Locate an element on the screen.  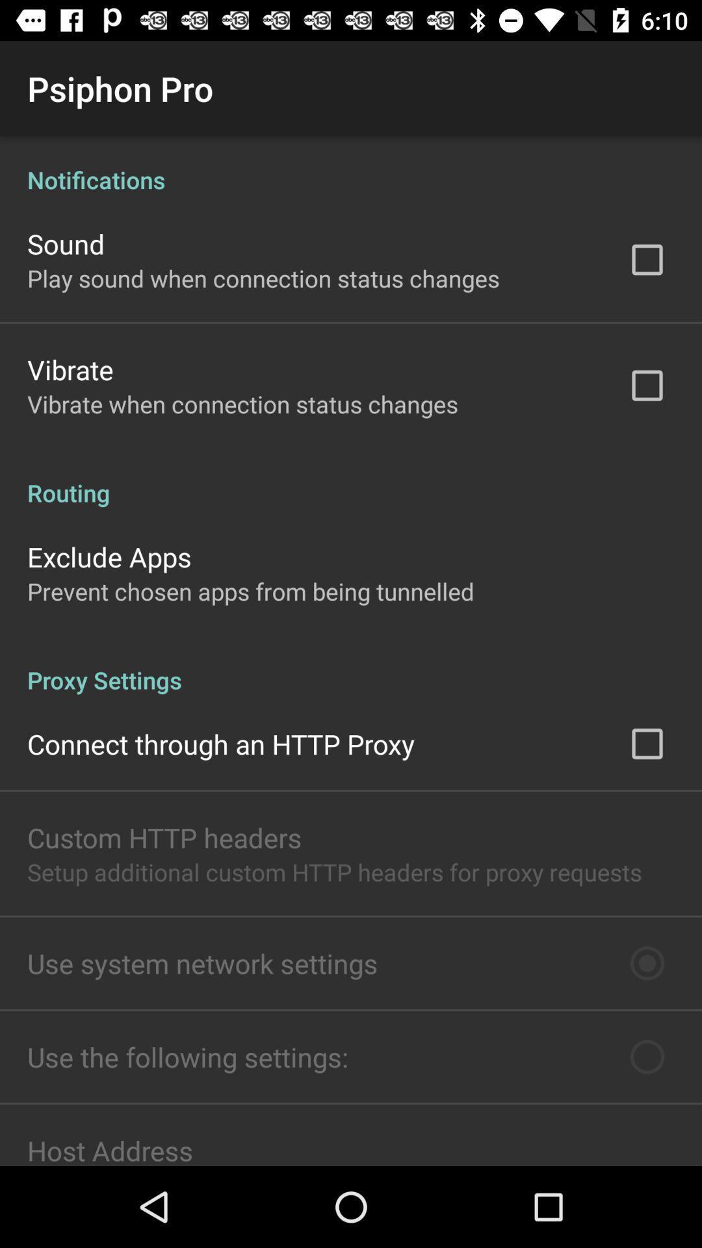
the icon below setup additional custom icon is located at coordinates (202, 963).